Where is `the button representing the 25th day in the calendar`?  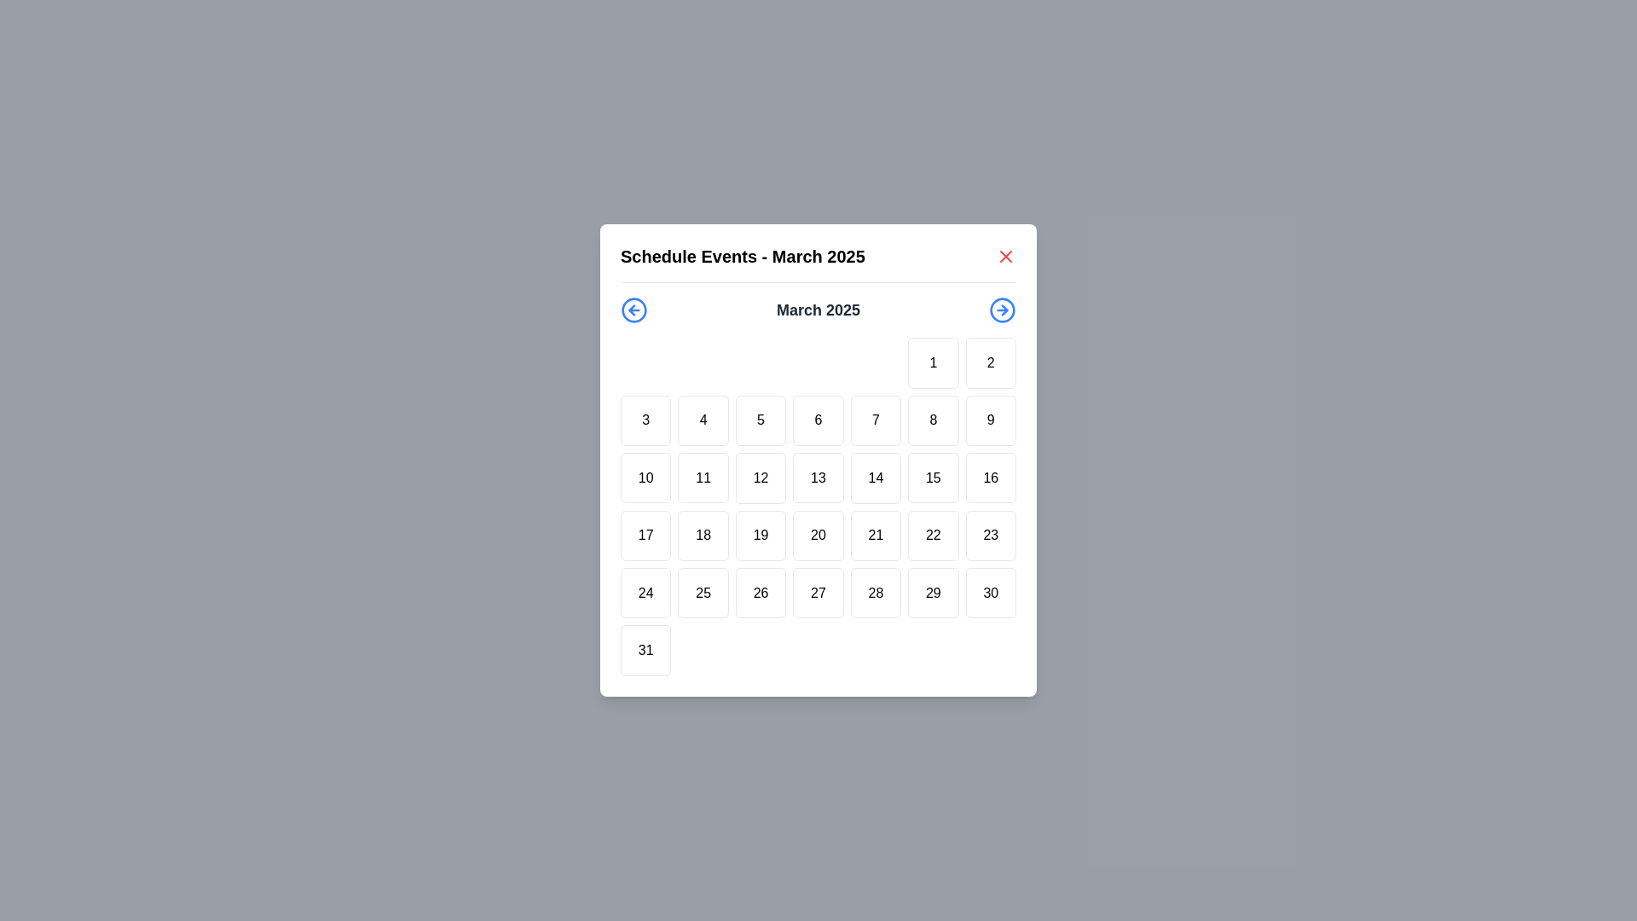
the button representing the 25th day in the calendar is located at coordinates (703, 592).